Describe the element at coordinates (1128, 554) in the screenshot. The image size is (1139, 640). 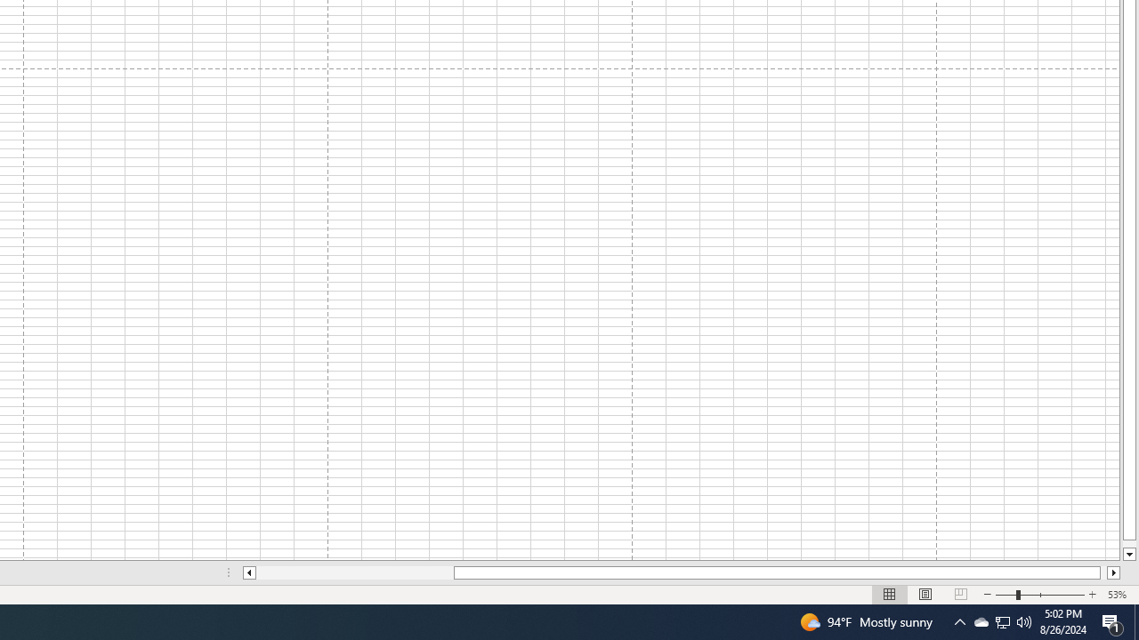
I see `'Line down'` at that location.